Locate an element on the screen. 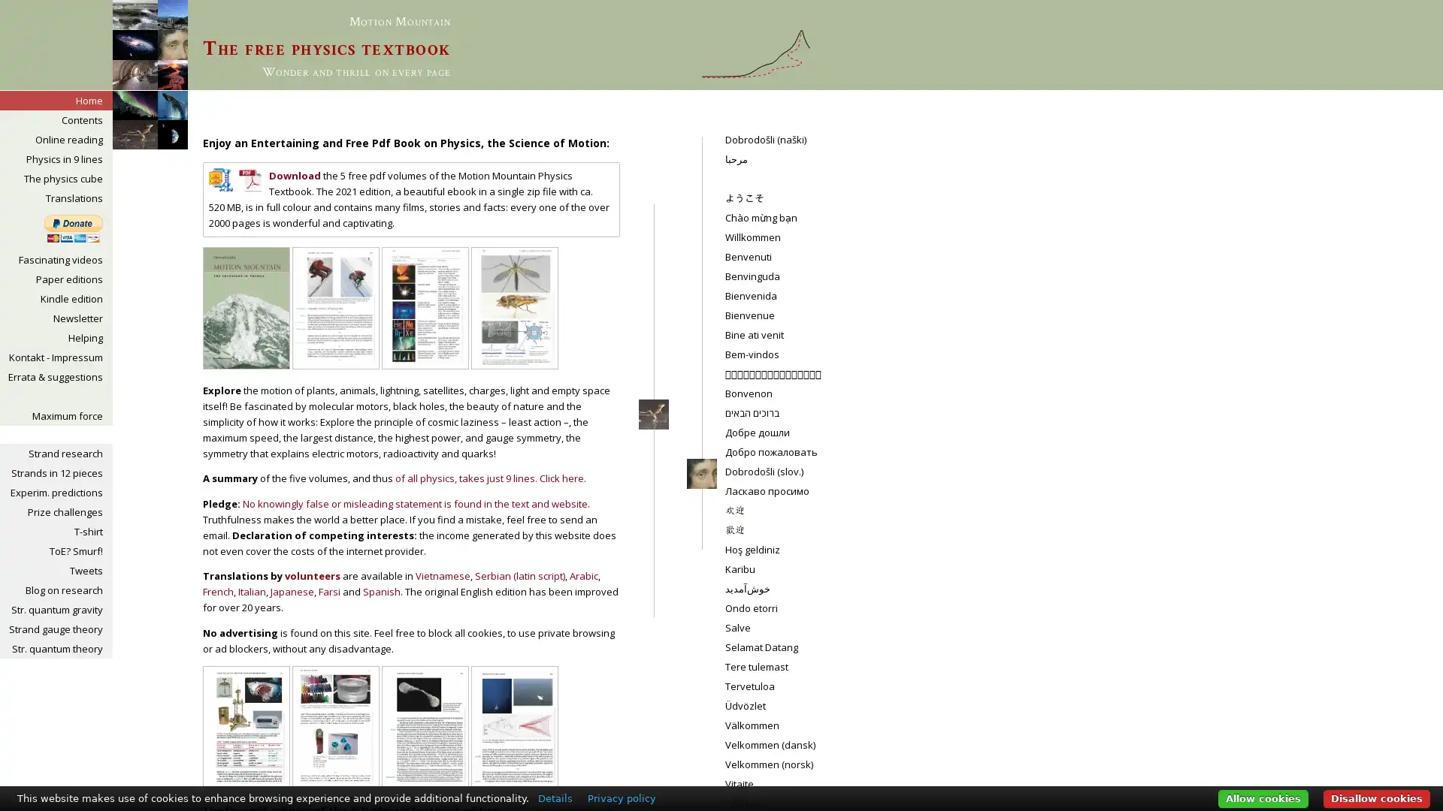 This screenshot has width=1443, height=811. | Donate Button | is located at coordinates (72, 228).